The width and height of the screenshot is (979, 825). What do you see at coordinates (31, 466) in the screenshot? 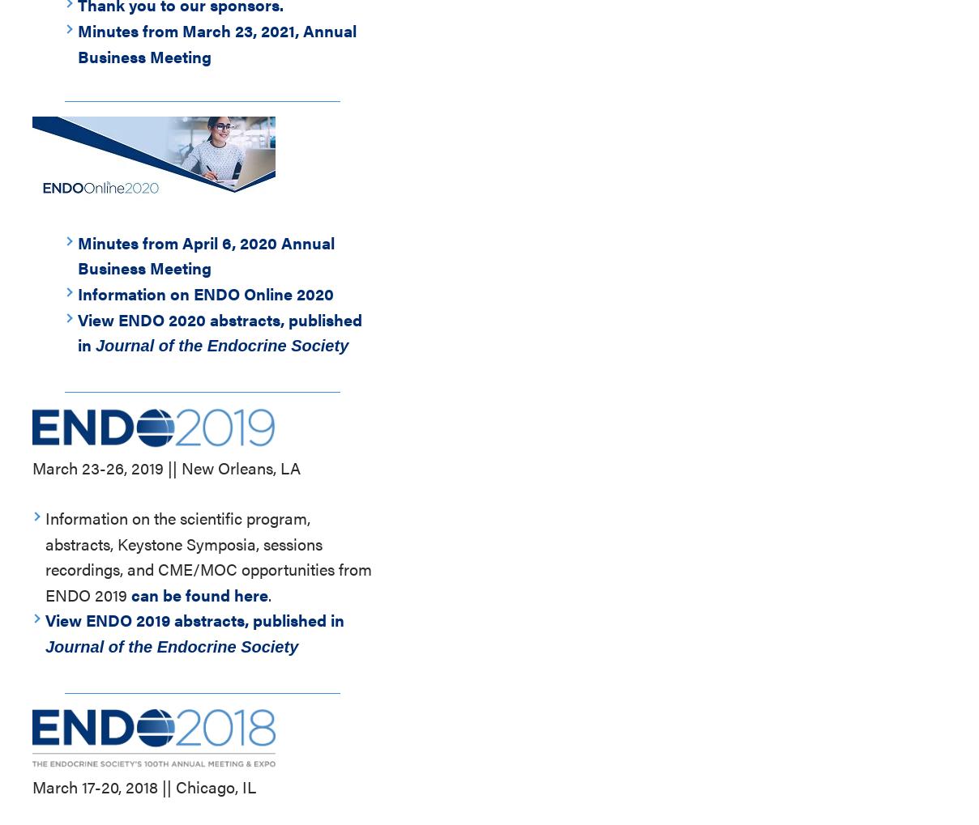
I see `'March 23-26, 2019 || New Orleans, LA'` at bounding box center [31, 466].